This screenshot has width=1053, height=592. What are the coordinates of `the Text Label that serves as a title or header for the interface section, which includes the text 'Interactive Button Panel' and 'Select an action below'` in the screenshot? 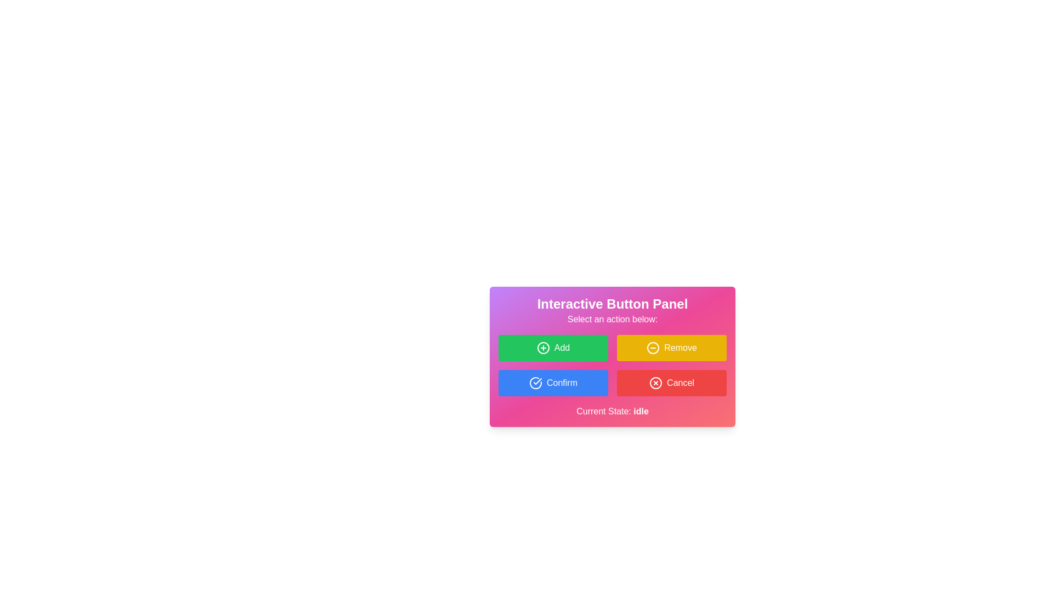 It's located at (612, 304).